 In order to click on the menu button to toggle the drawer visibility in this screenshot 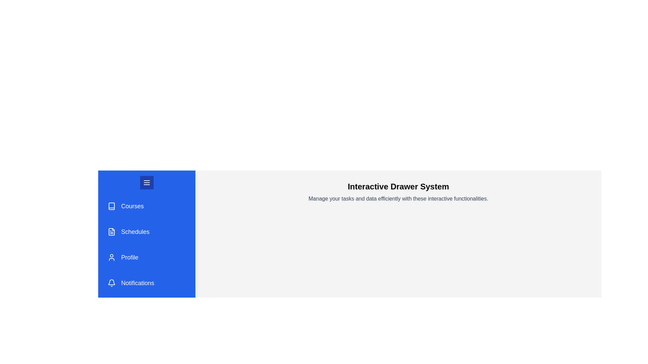, I will do `click(146, 183)`.